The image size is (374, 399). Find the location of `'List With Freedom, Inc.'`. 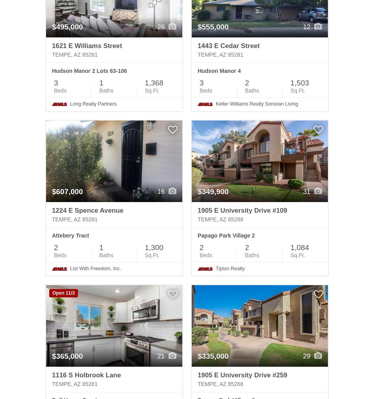

'List With Freedom, Inc.' is located at coordinates (70, 268).